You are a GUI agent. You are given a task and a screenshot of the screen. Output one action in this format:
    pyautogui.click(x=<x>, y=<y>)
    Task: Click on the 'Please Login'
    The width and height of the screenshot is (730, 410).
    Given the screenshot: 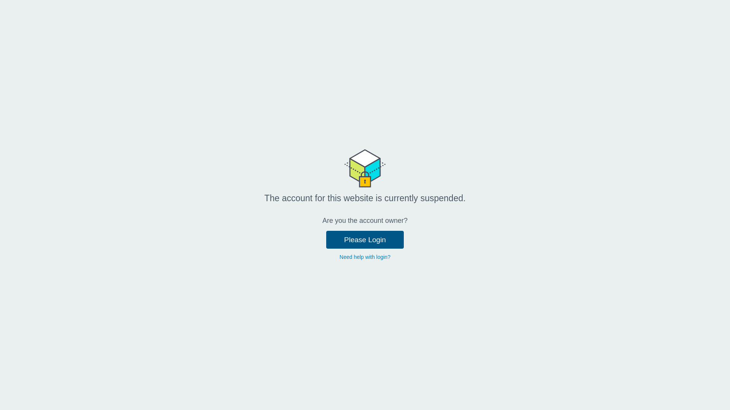 What is the action you would take?
    pyautogui.click(x=365, y=240)
    